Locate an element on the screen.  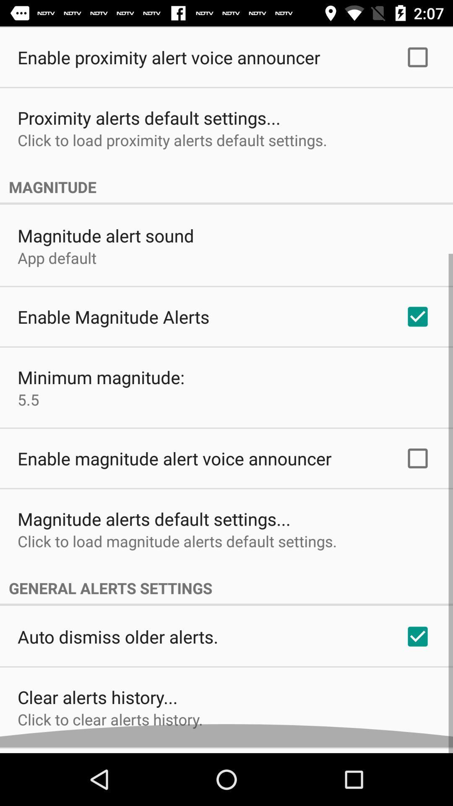
auto dismiss older item is located at coordinates (118, 642).